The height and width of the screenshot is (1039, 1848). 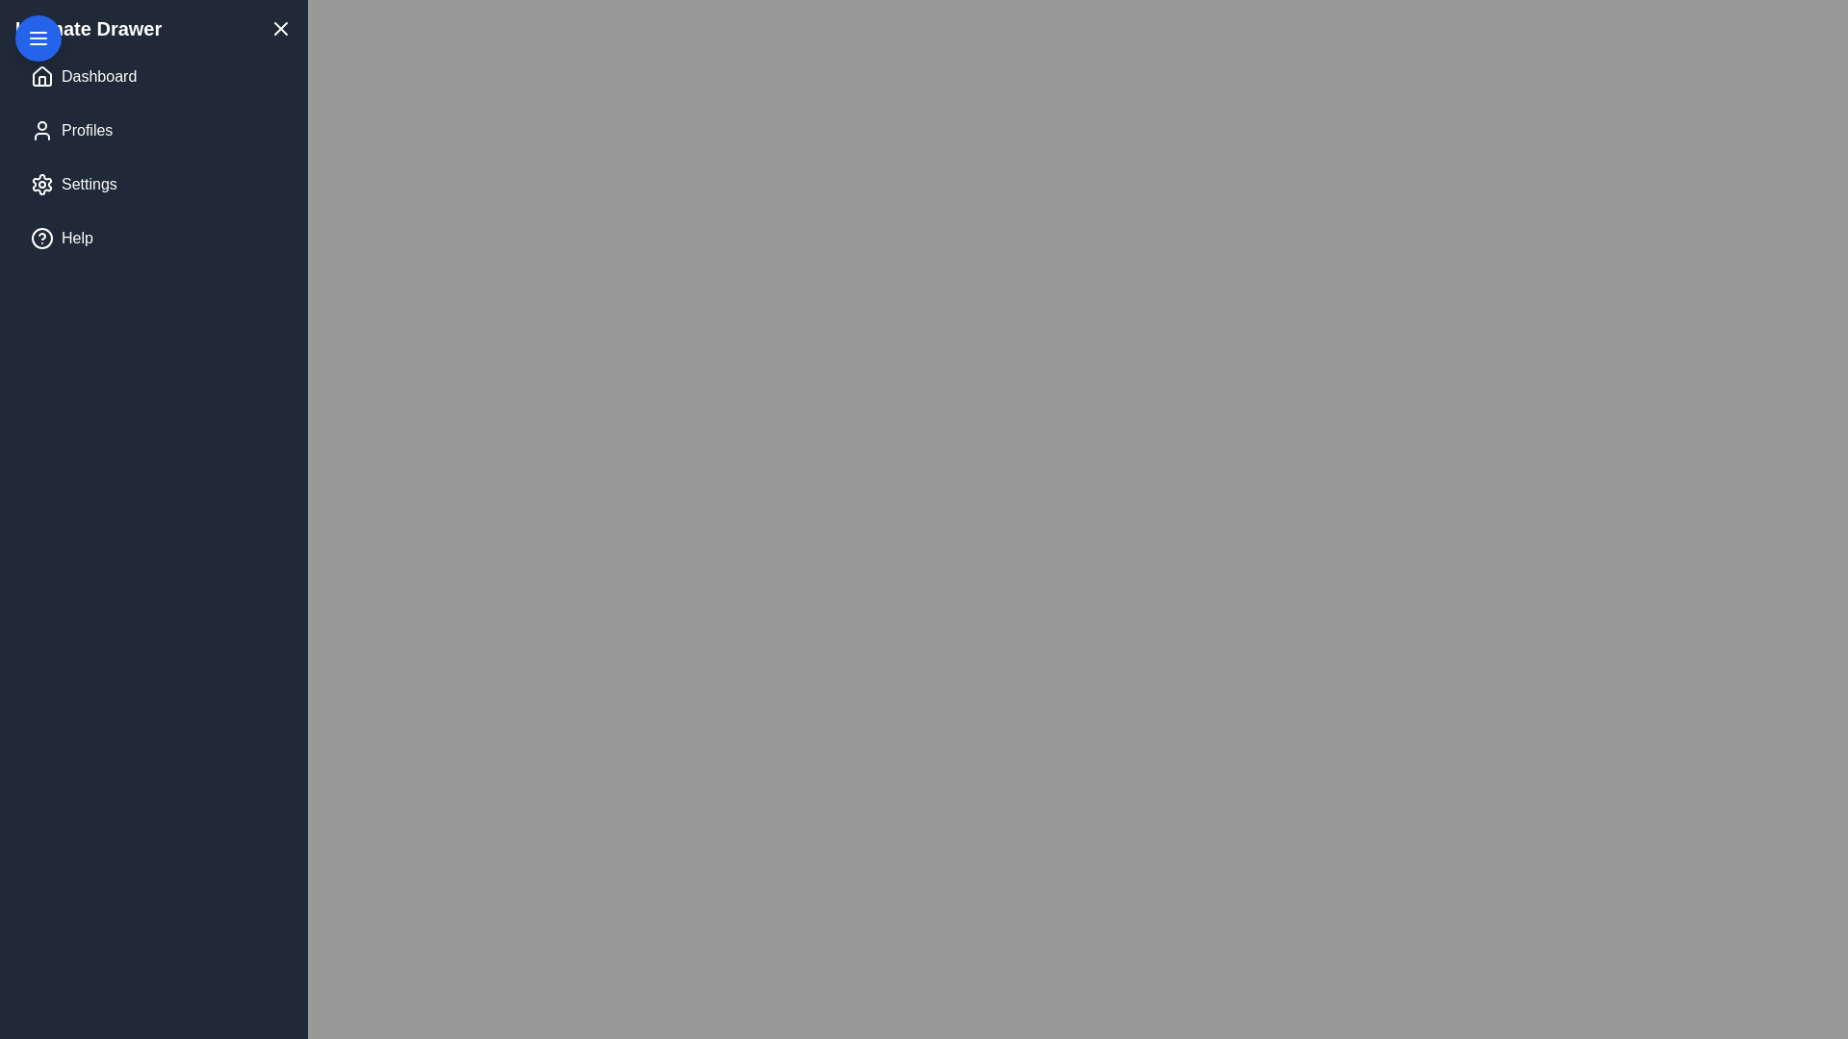 I want to click on the cog icon in the settings section of the sidebar menu, so click(x=41, y=185).